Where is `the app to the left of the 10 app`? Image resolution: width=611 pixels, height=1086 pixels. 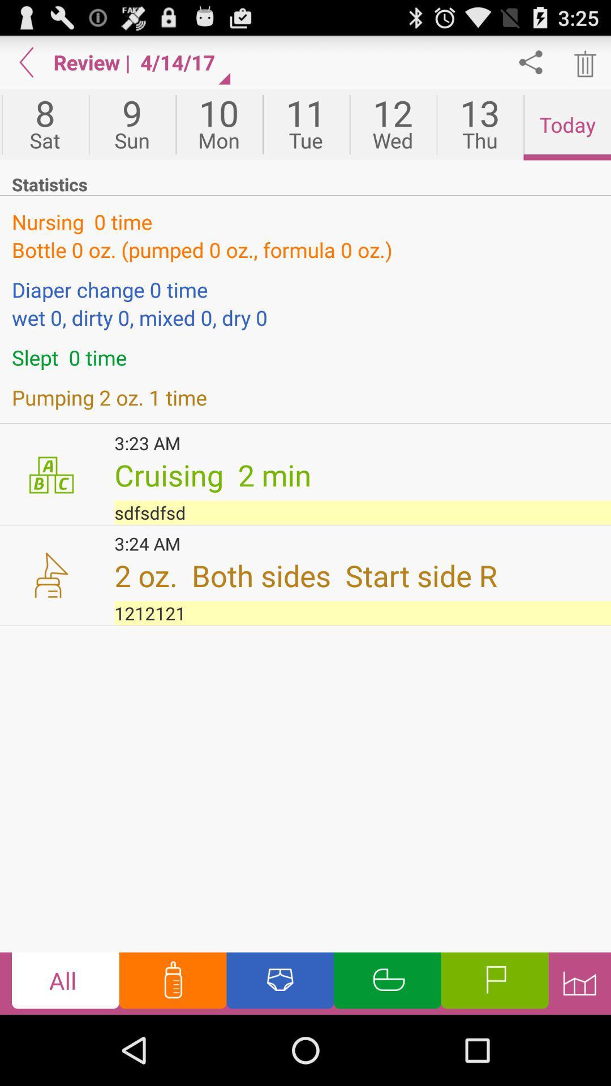
the app to the left of the 10 app is located at coordinates (131, 124).